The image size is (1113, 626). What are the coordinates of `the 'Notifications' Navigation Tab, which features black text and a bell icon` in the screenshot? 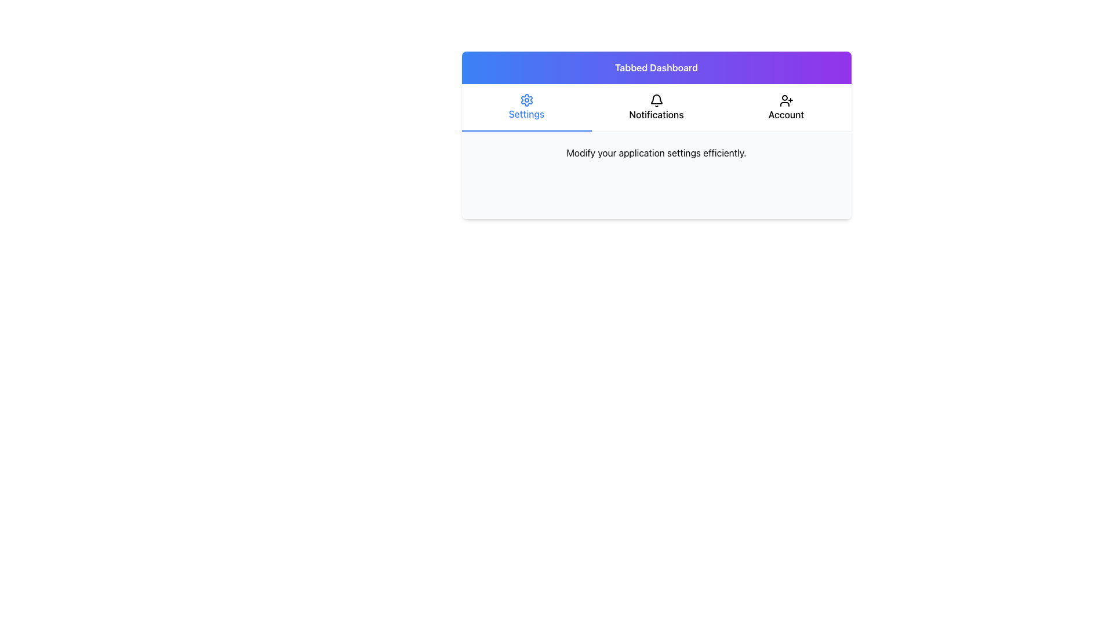 It's located at (656, 108).